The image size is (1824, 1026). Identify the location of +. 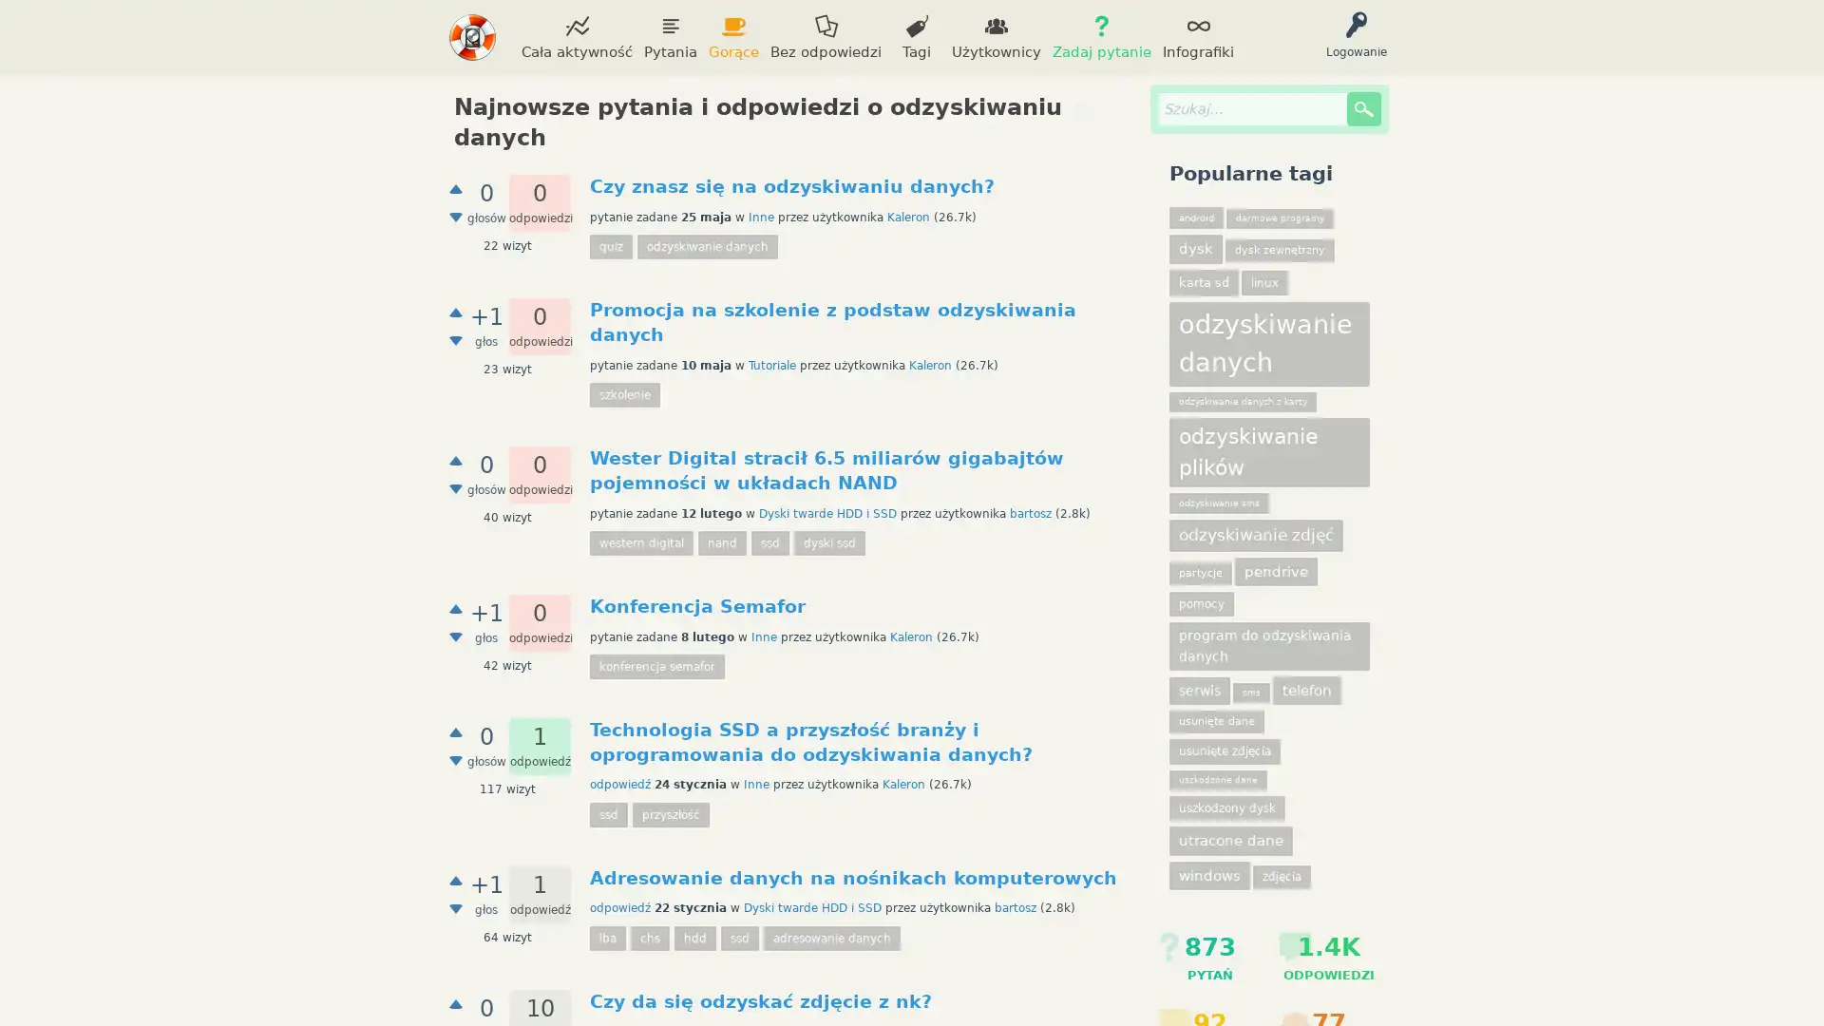
(456, 608).